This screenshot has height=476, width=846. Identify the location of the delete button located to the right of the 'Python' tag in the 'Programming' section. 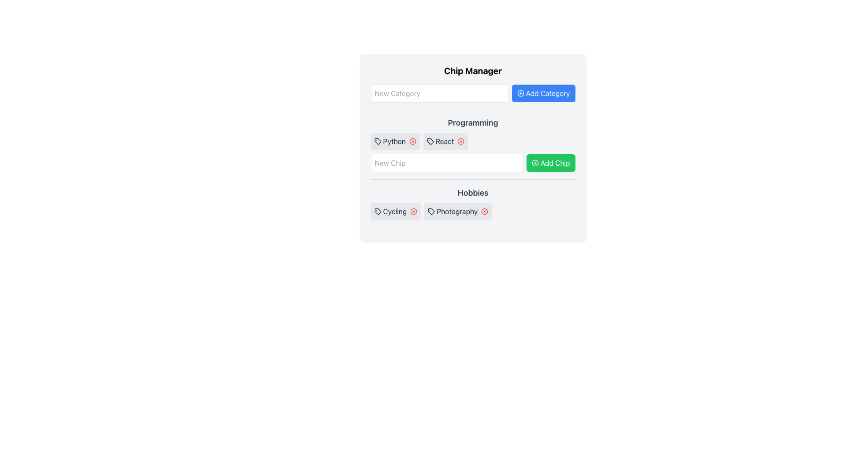
(410, 141).